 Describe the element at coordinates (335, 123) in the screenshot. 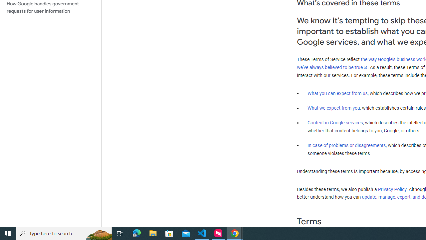

I see `'Content in Google services'` at that location.